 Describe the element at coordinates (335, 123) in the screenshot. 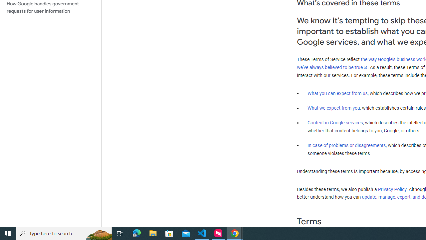

I see `'Content in Google services'` at that location.